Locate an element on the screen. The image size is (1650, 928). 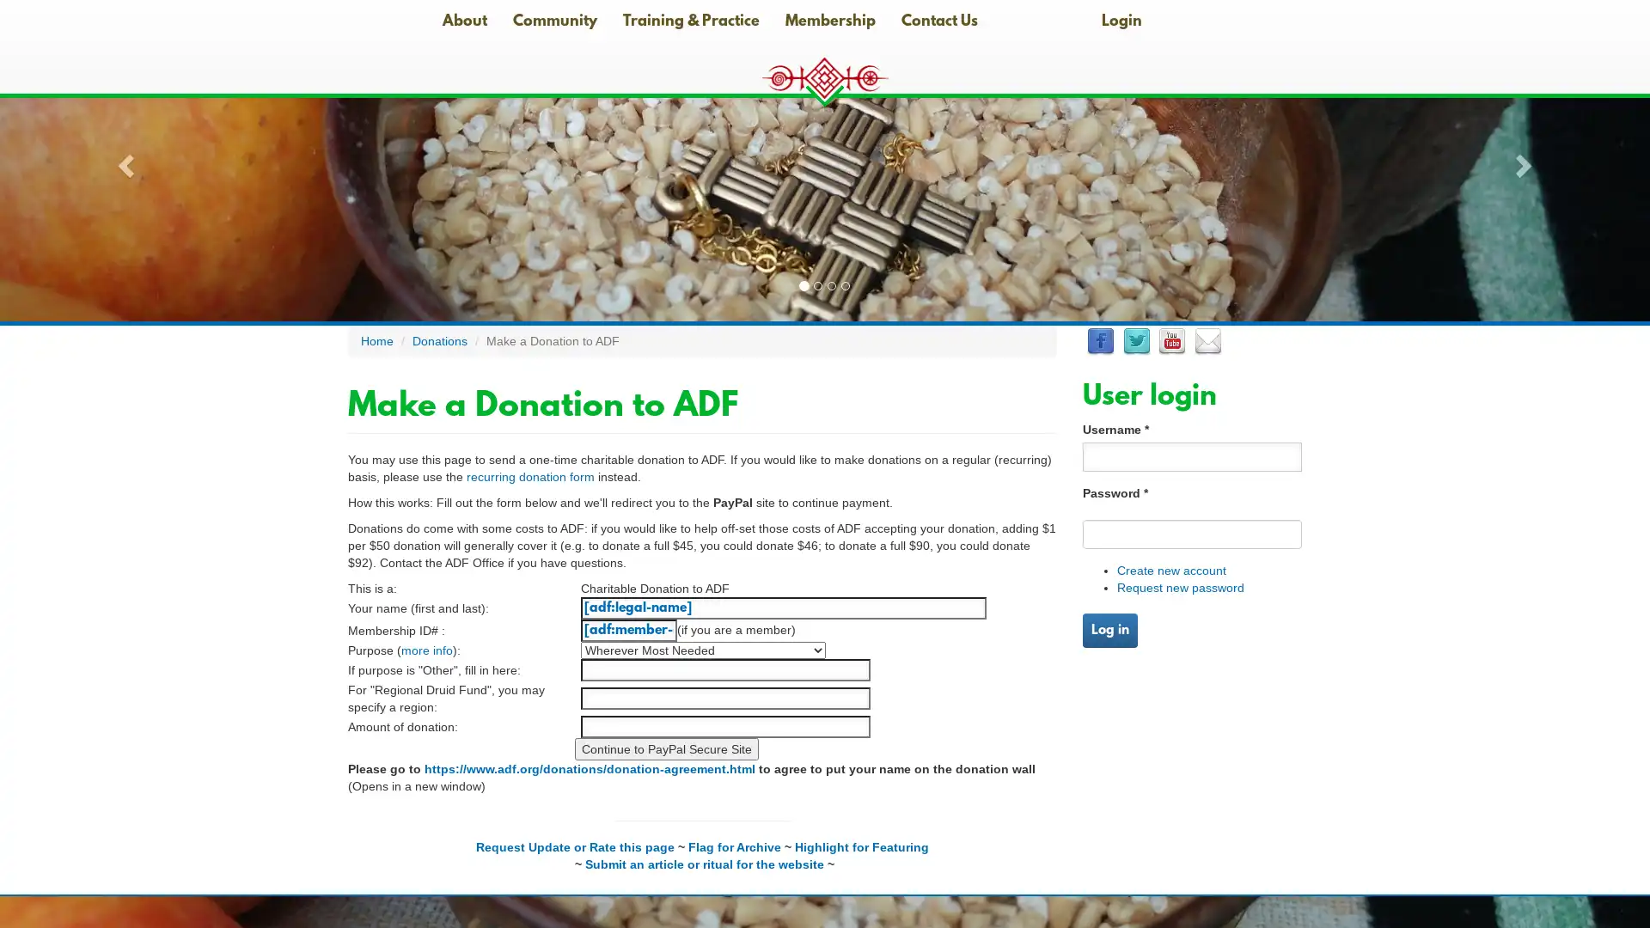
Log in is located at coordinates (1109, 629).